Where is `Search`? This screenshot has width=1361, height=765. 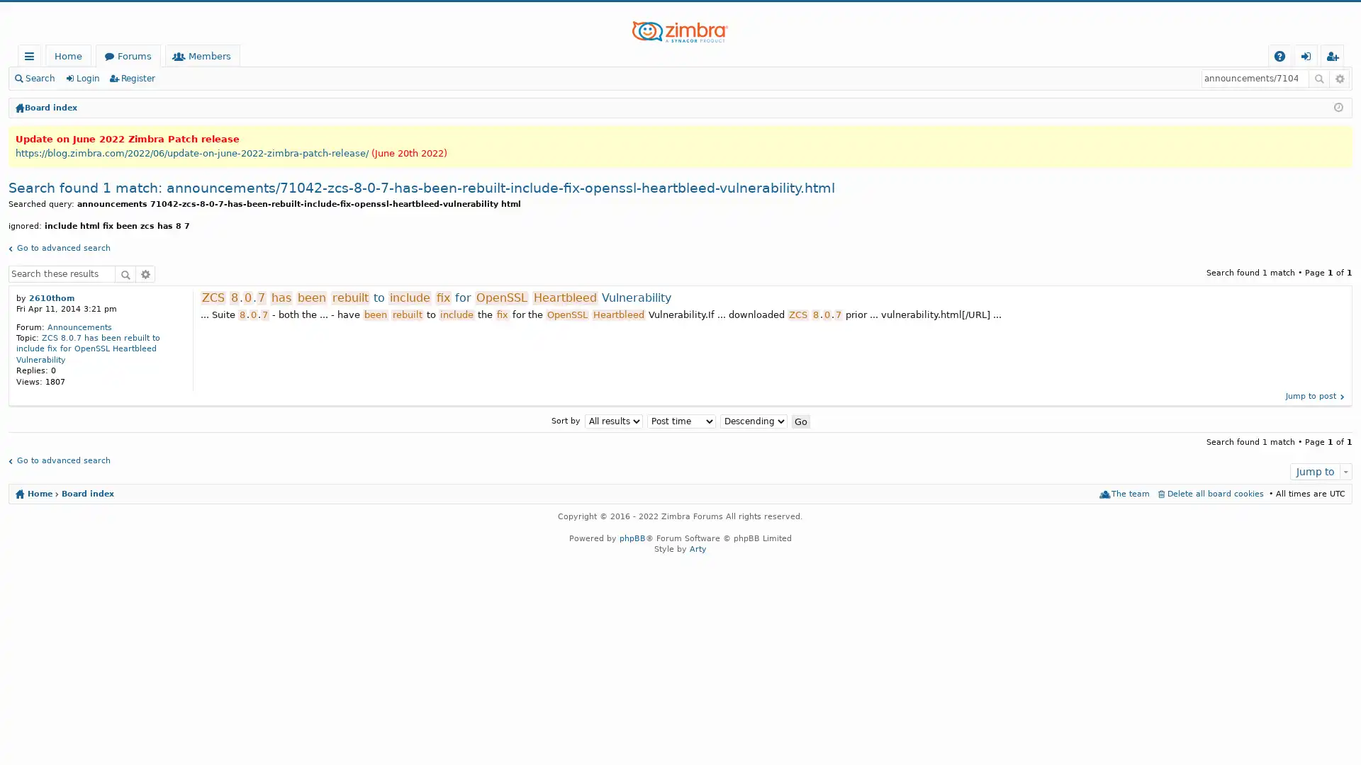 Search is located at coordinates (1318, 79).